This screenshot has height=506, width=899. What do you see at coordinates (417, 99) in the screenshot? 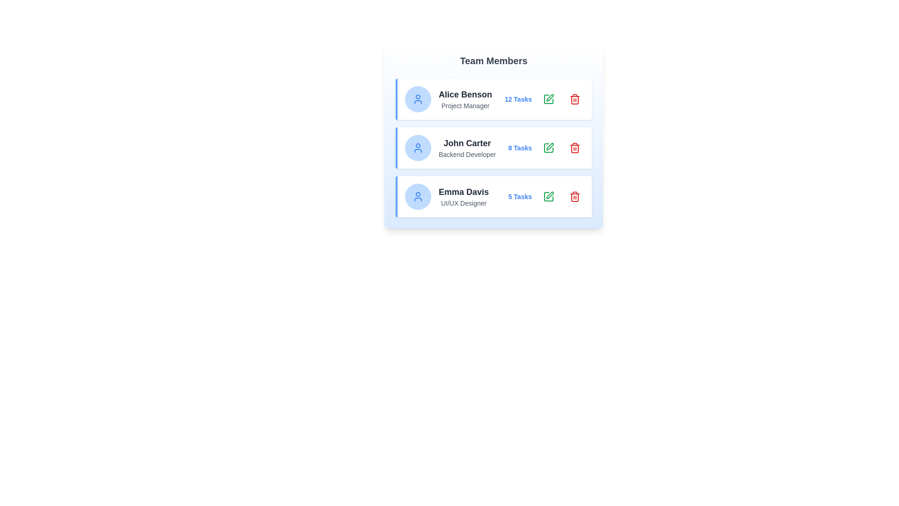
I see `the user icon for the team member Alice Benson` at bounding box center [417, 99].